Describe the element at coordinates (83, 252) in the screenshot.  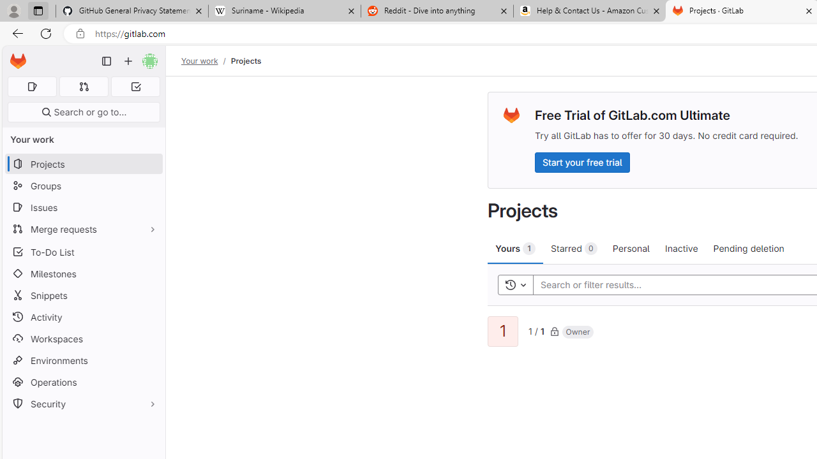
I see `'To-Do List'` at that location.